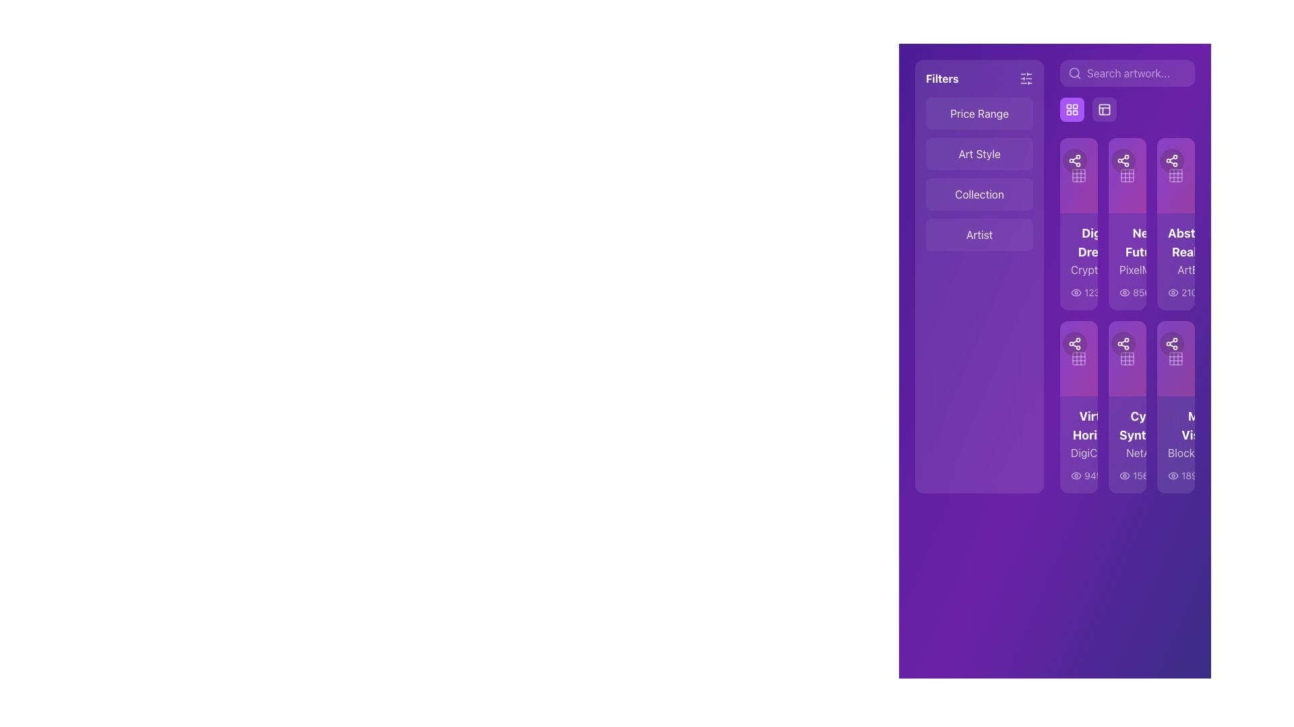 The width and height of the screenshot is (1294, 727). Describe the element at coordinates (1059, 160) in the screenshot. I see `the circular button with a sharing icon located in the top-right corner of the card section` at that location.